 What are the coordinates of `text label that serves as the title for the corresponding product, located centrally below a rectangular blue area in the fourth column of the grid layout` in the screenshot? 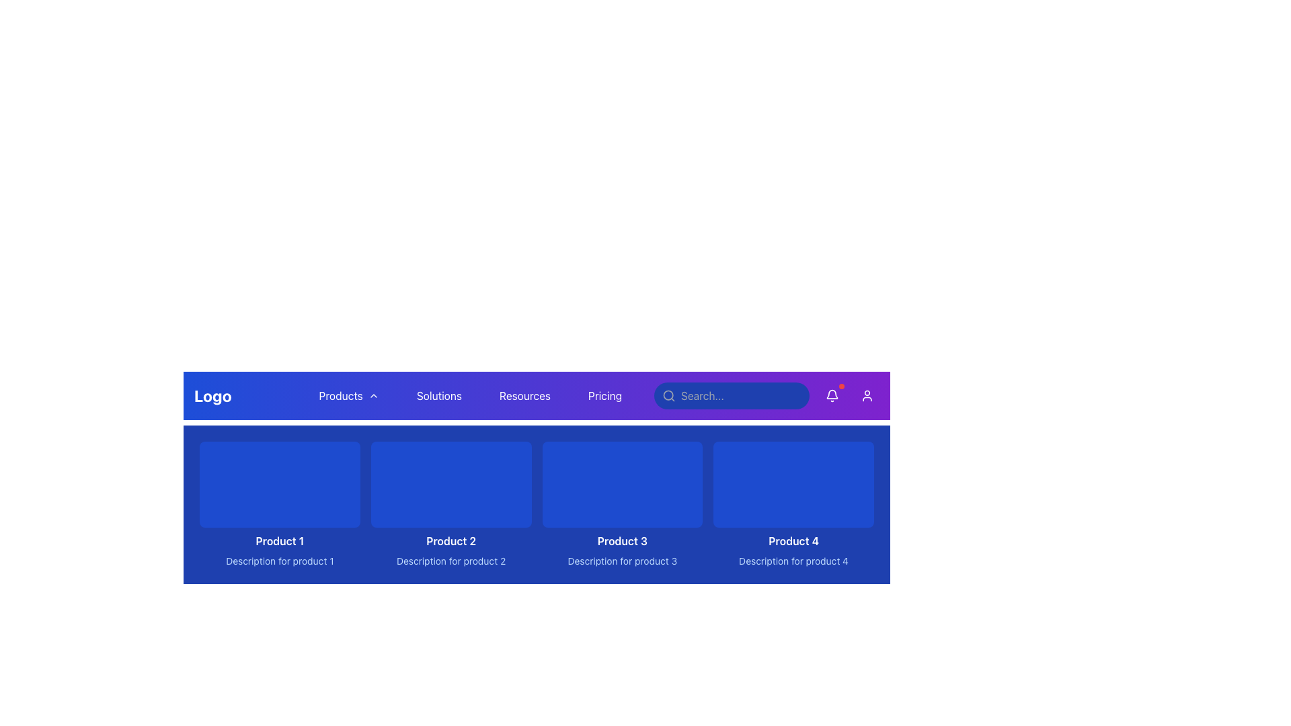 It's located at (793, 540).